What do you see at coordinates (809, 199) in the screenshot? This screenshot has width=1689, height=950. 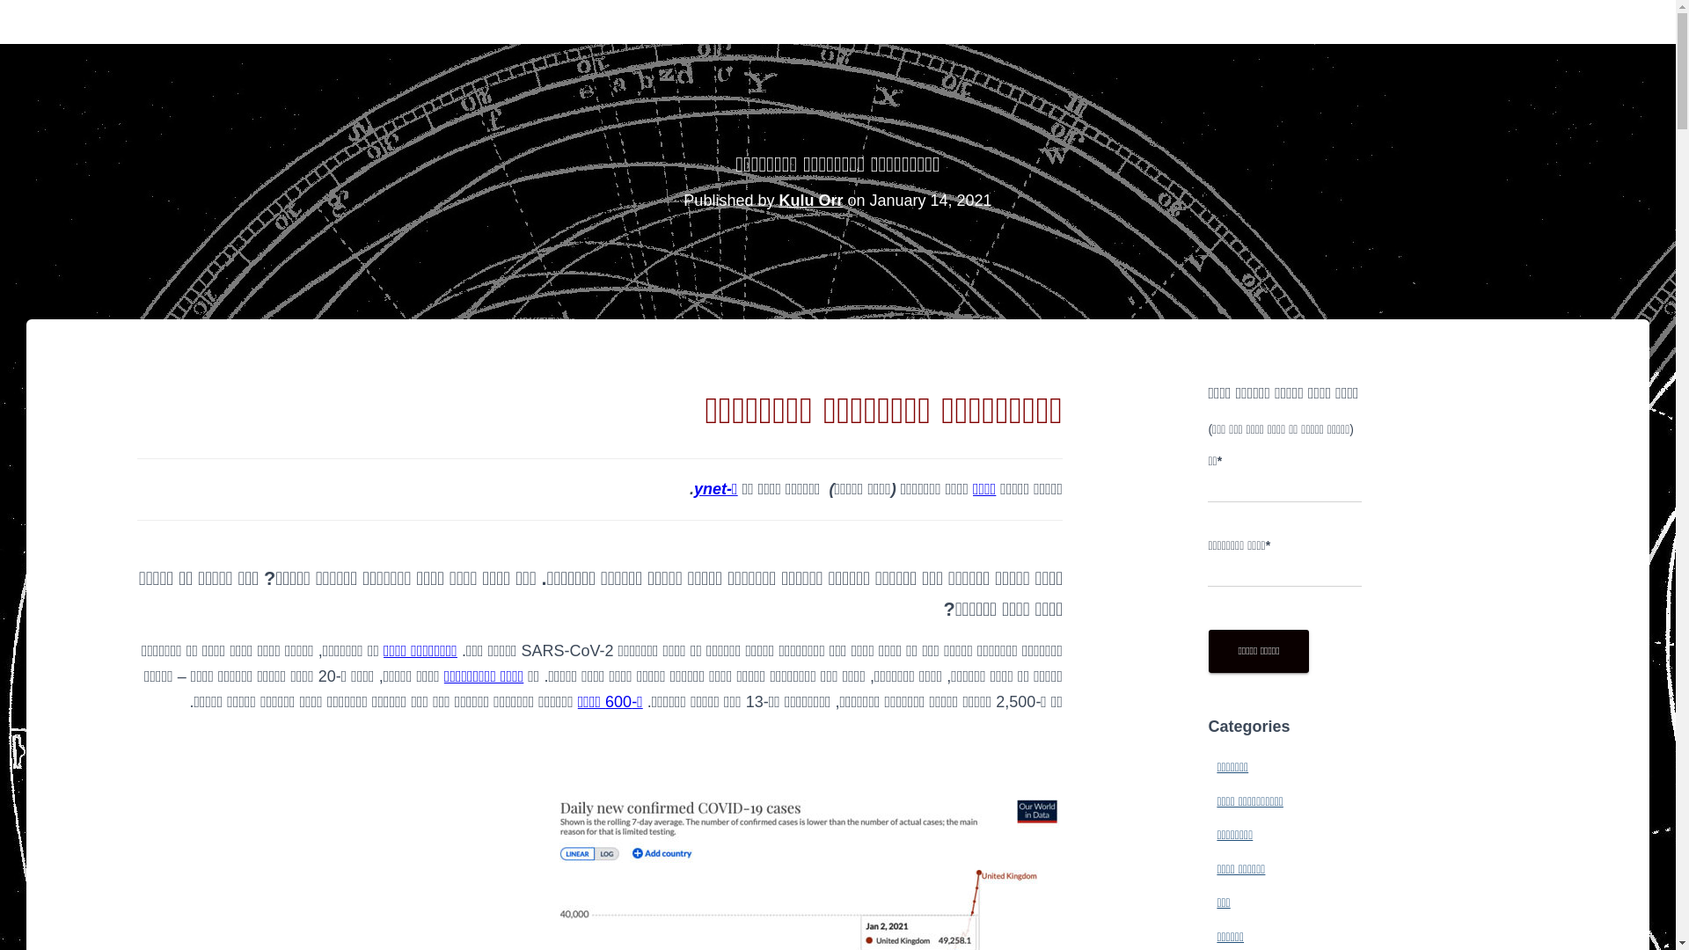 I see `'Kulu Orr'` at bounding box center [809, 199].